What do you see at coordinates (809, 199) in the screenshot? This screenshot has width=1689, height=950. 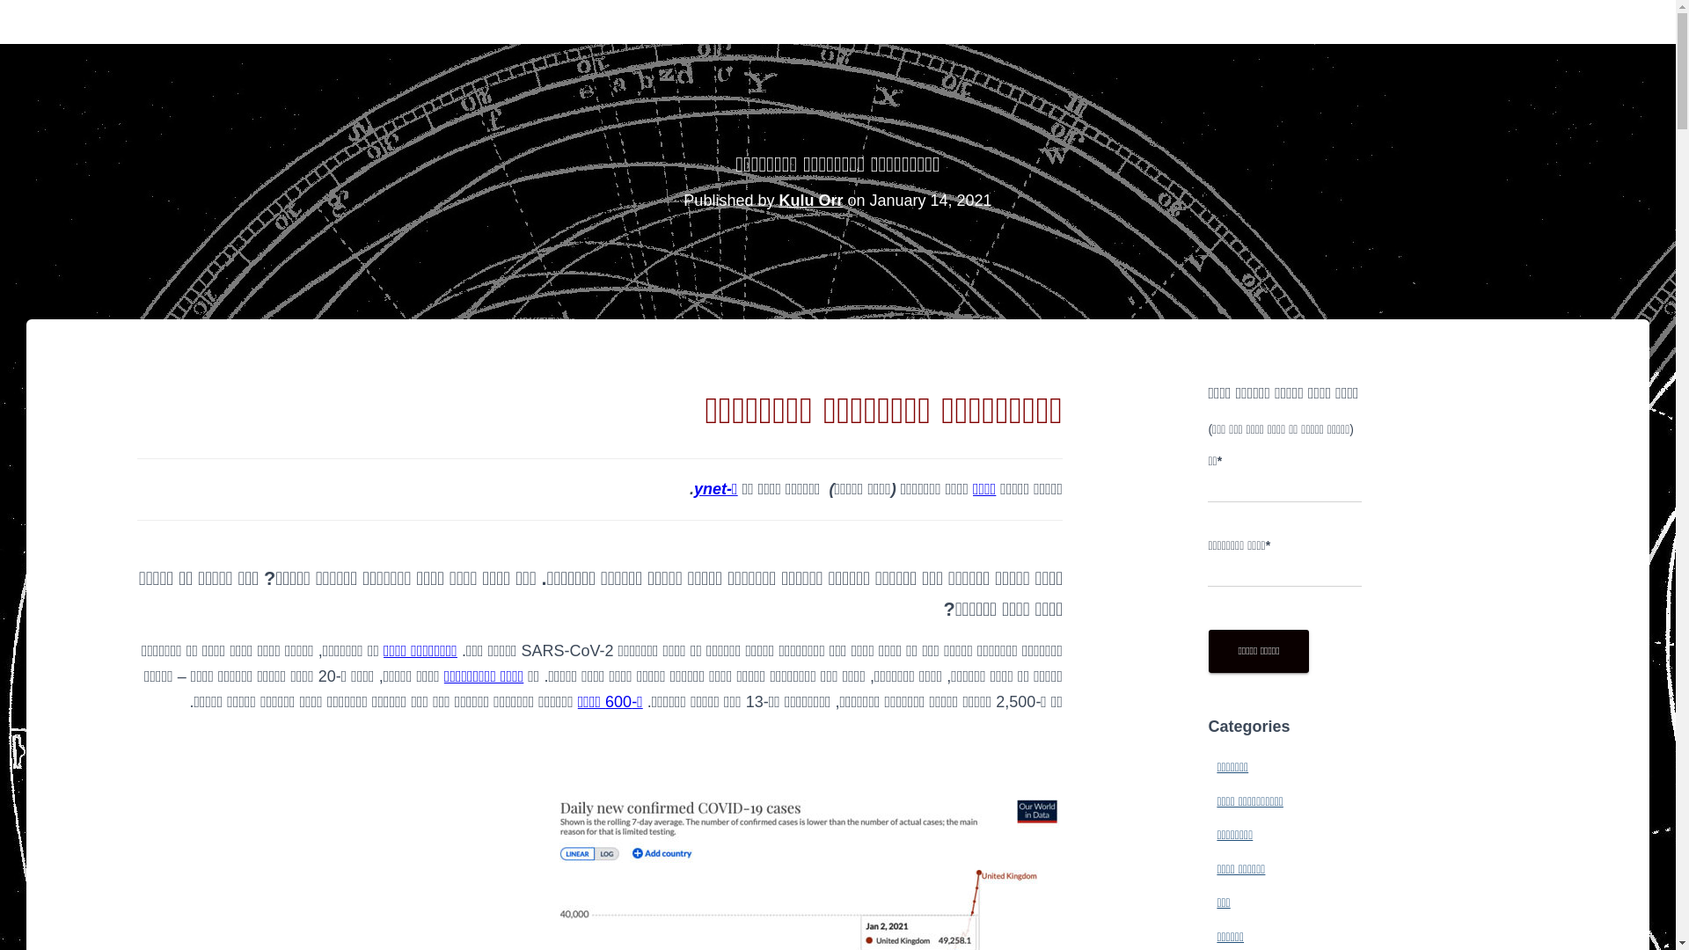 I see `'Kulu Orr'` at bounding box center [809, 199].